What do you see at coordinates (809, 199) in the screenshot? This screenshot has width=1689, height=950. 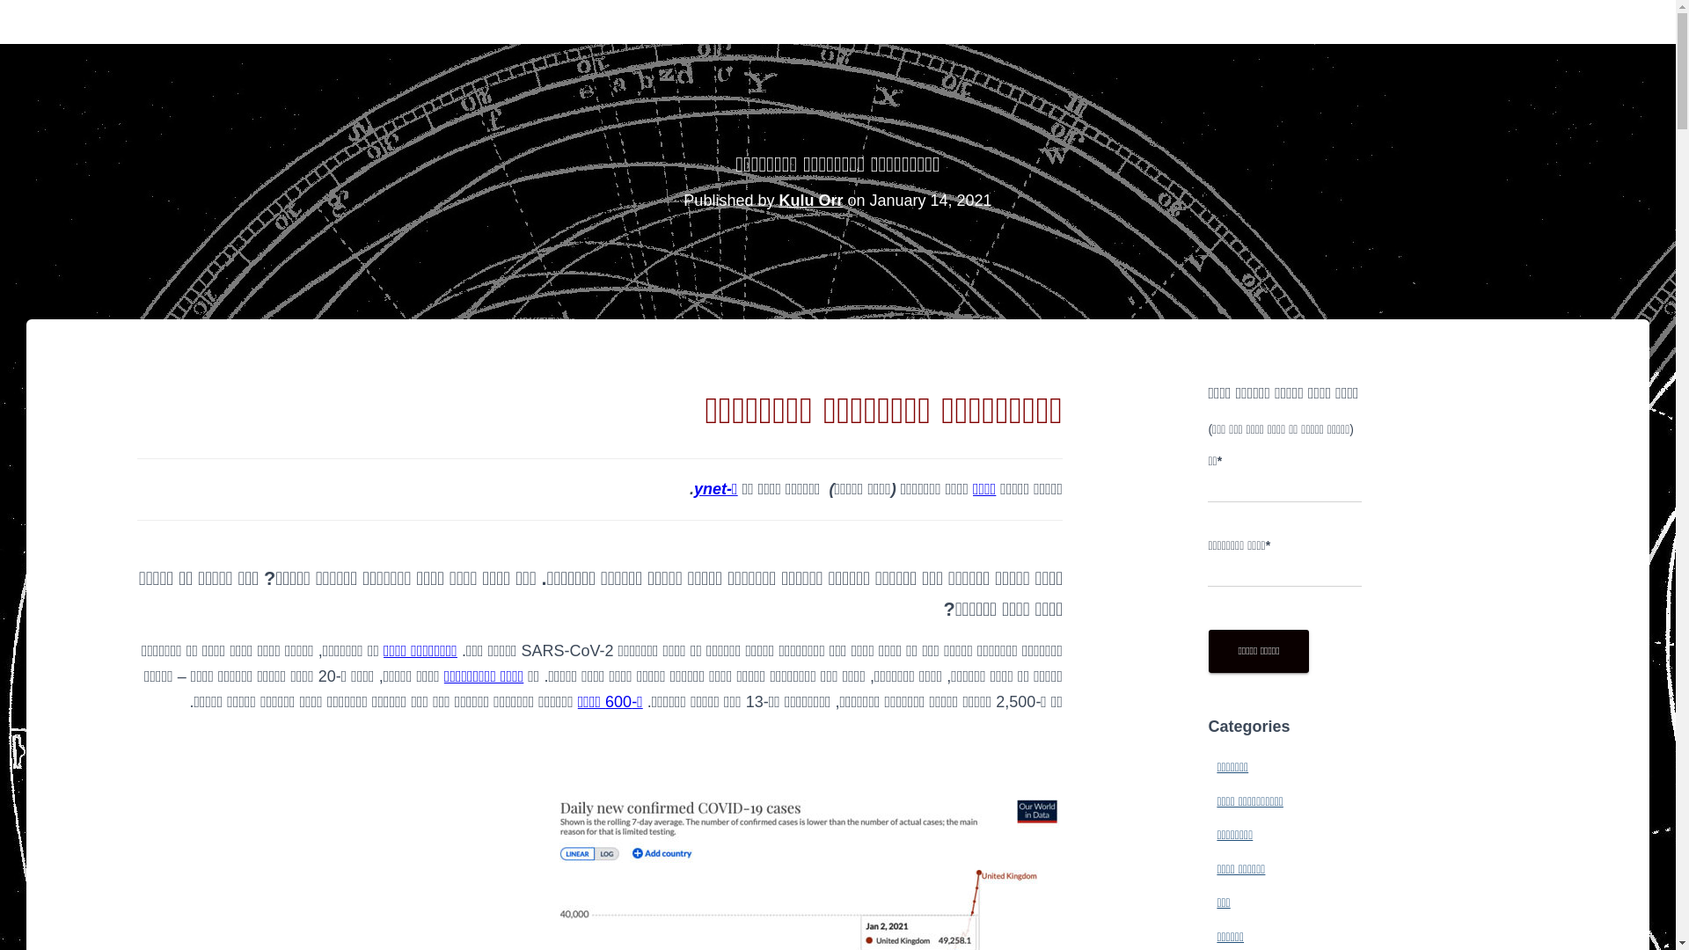 I see `'Kulu Orr'` at bounding box center [809, 199].